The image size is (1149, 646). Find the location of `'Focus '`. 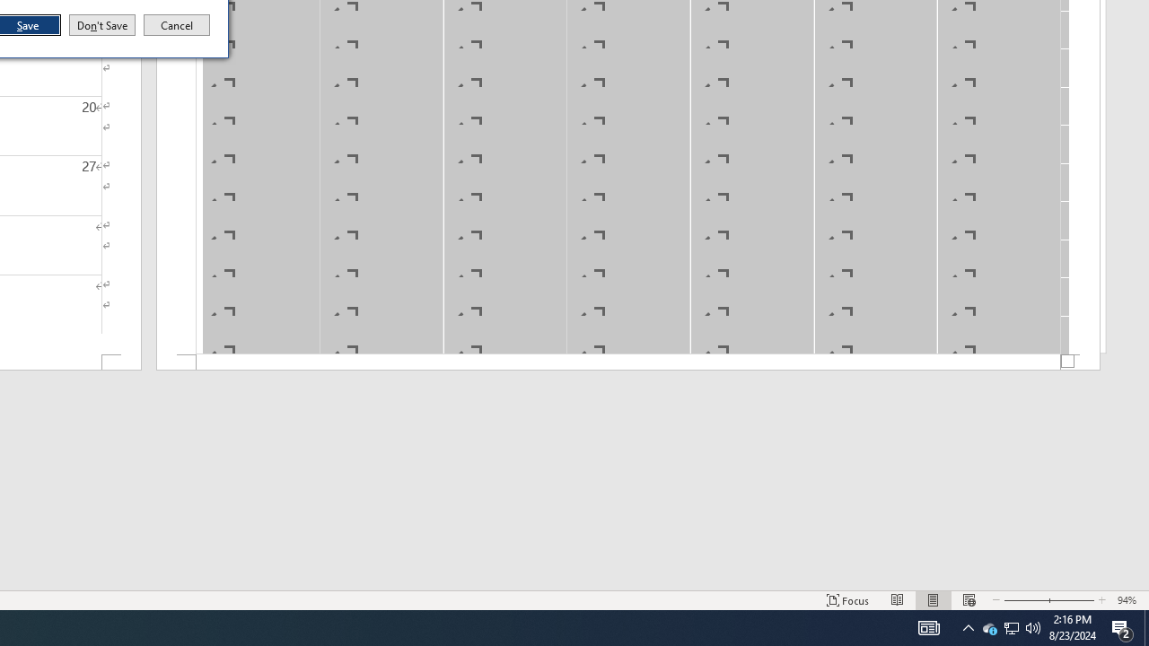

'Focus ' is located at coordinates (846, 600).